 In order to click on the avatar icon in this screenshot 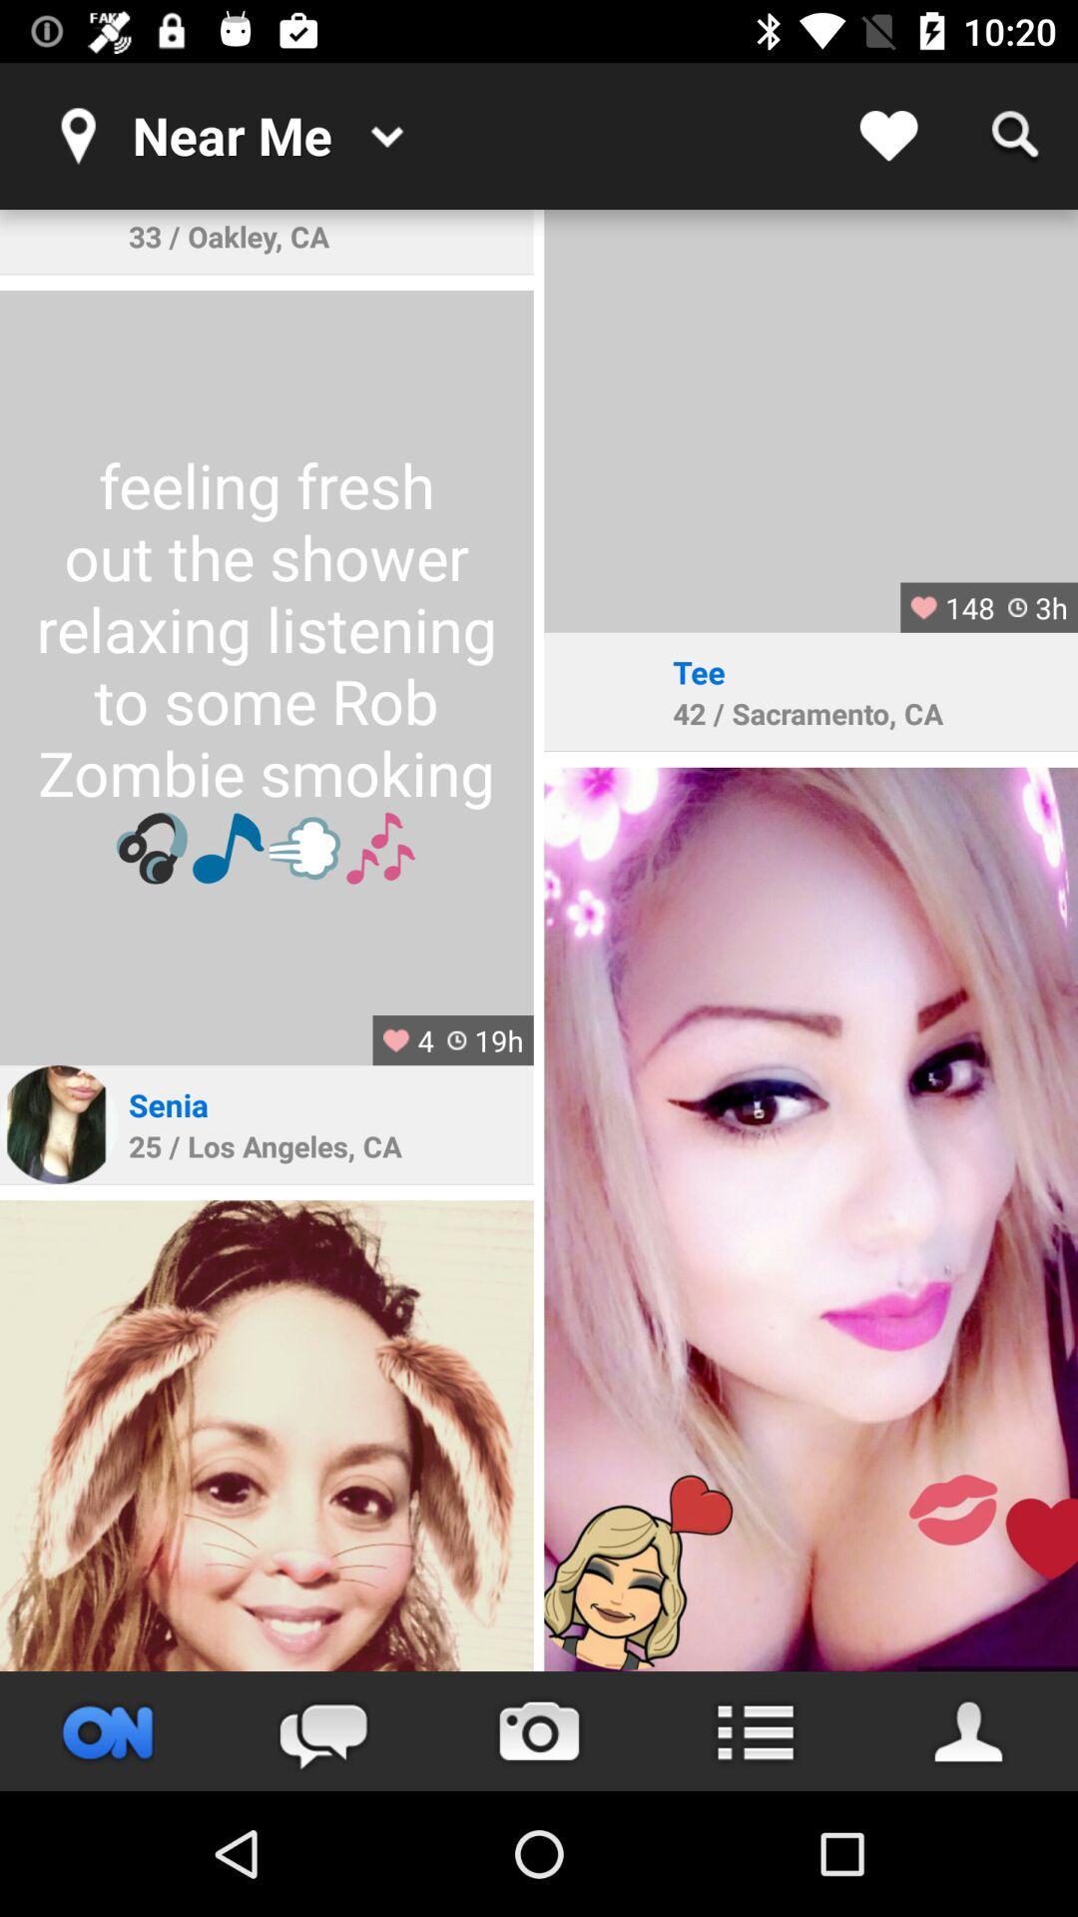, I will do `click(969, 1730)`.